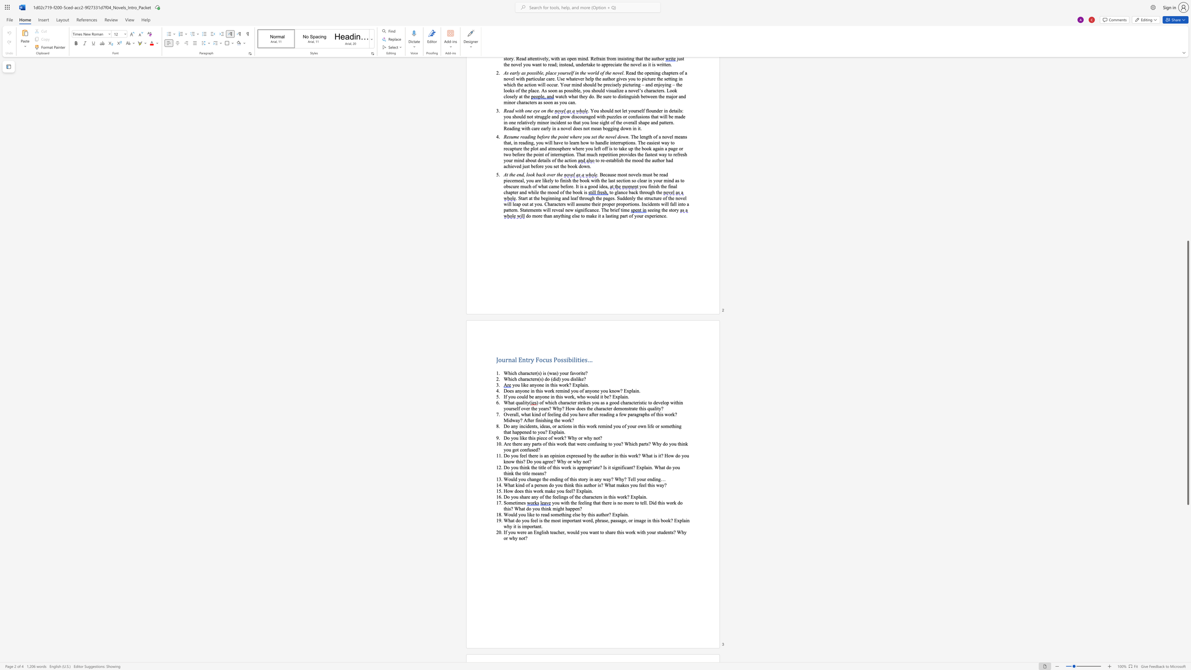 The width and height of the screenshot is (1191, 670). I want to click on the space between the continuous character "c" and "t" in the text, so click(530, 373).